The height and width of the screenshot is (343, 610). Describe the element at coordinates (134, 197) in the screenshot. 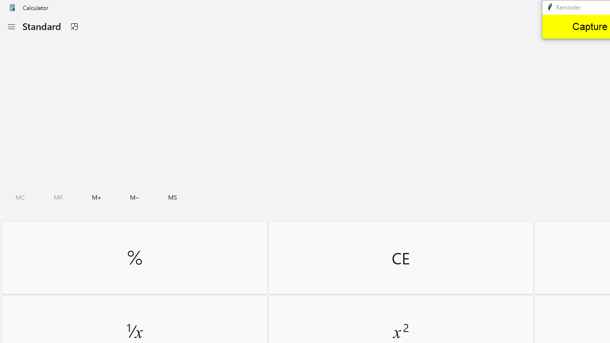

I see `'Memory subtract'` at that location.